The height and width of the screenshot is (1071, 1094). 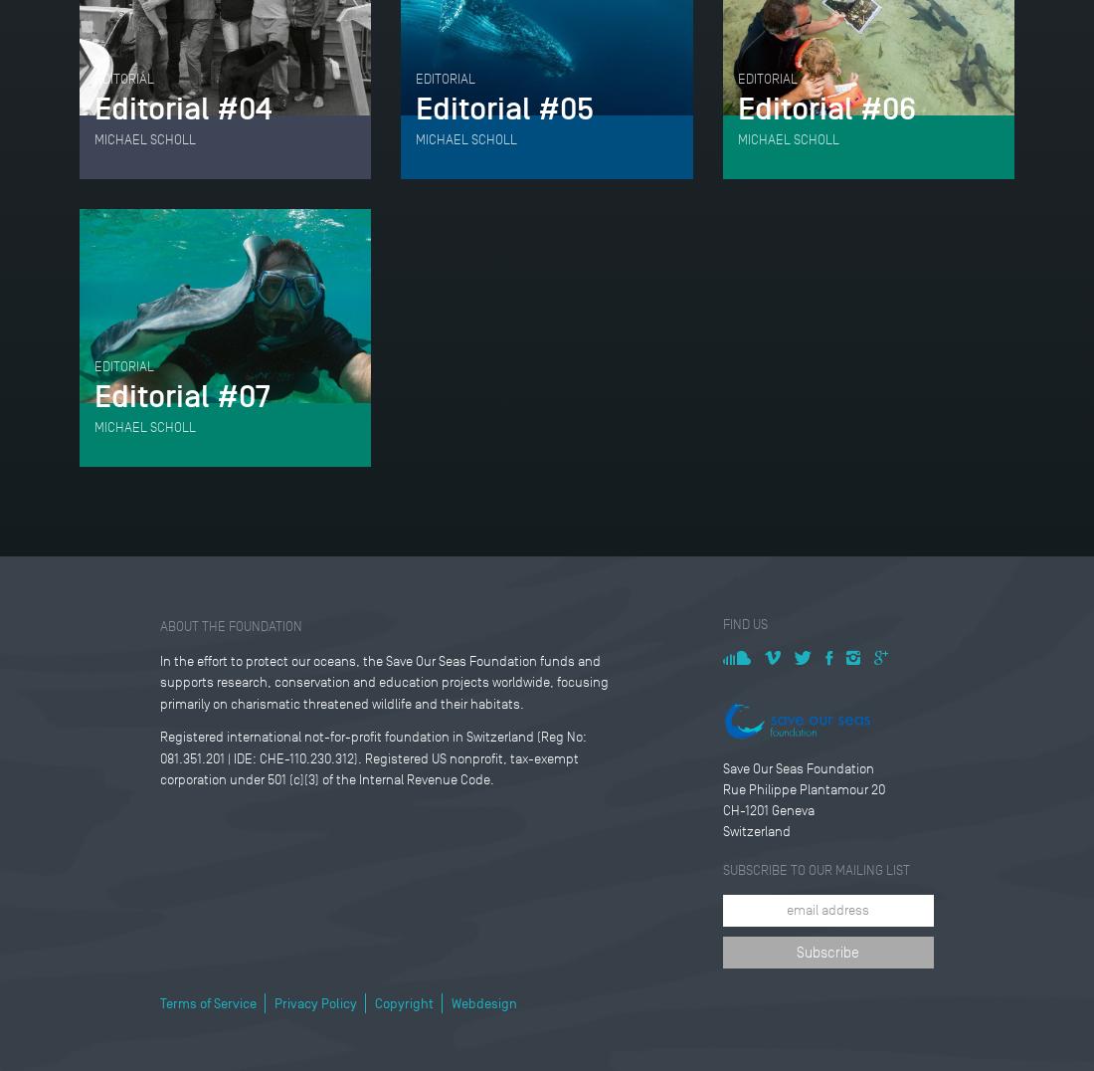 I want to click on 'Registered international not-for-profit foundation in Switzerland (Reg No: 081.351.201 | IDE: CHE-110.230.312). Registered US nonprofit, tax-exempt corporation under 501 (c)(3) of the Internal Revenue Code.', so click(x=372, y=756).